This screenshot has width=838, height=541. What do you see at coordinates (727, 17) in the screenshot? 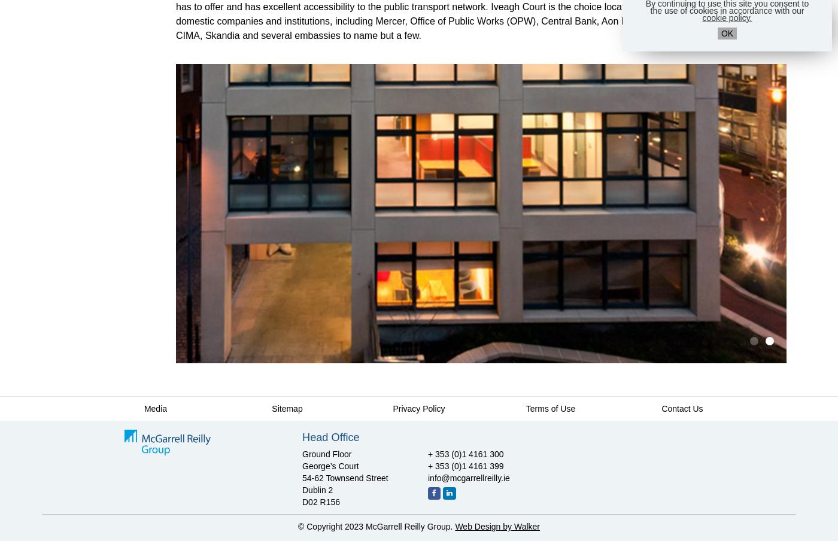
I see `'cookie policy.'` at bounding box center [727, 17].